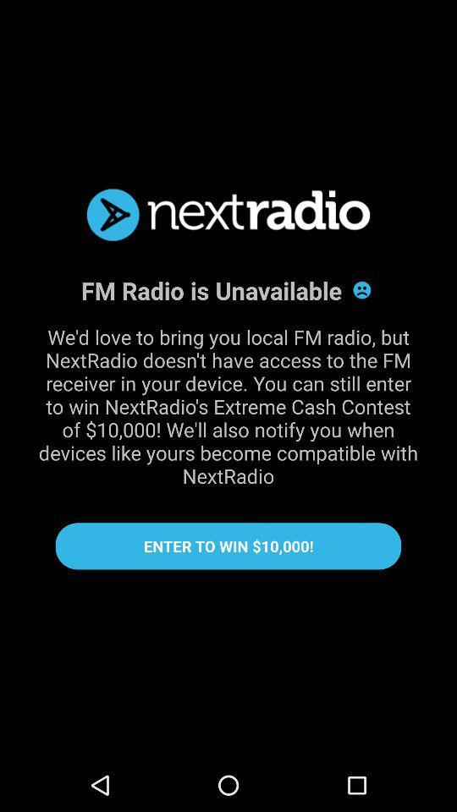 The height and width of the screenshot is (812, 457). I want to click on go directly to radio app, so click(228, 214).